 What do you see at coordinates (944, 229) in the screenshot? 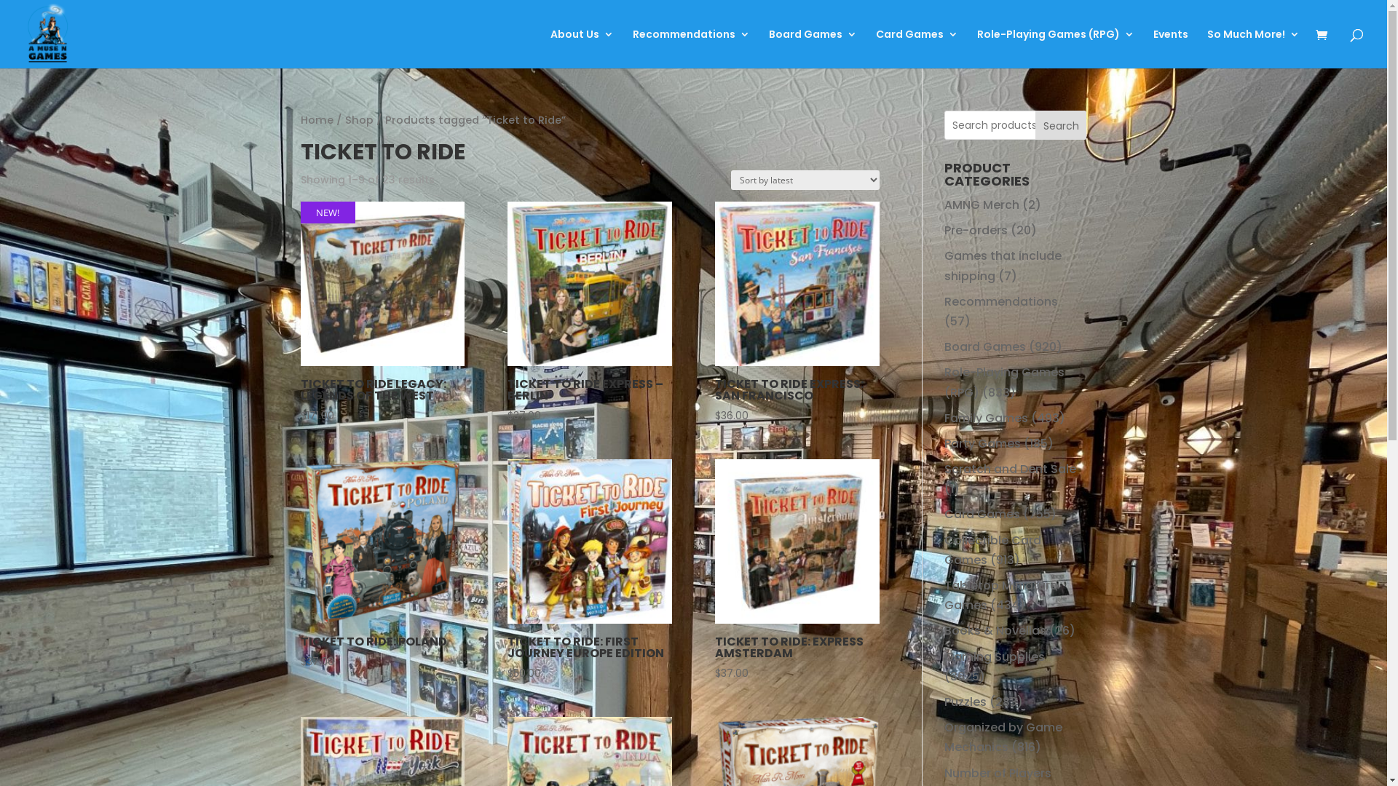
I see `'Pre-orders'` at bounding box center [944, 229].